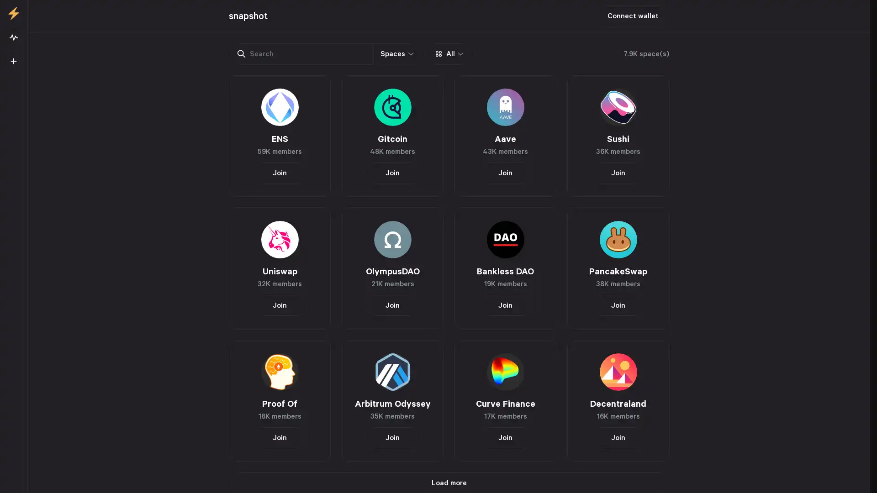  Describe the element at coordinates (618, 305) in the screenshot. I see `Join` at that location.